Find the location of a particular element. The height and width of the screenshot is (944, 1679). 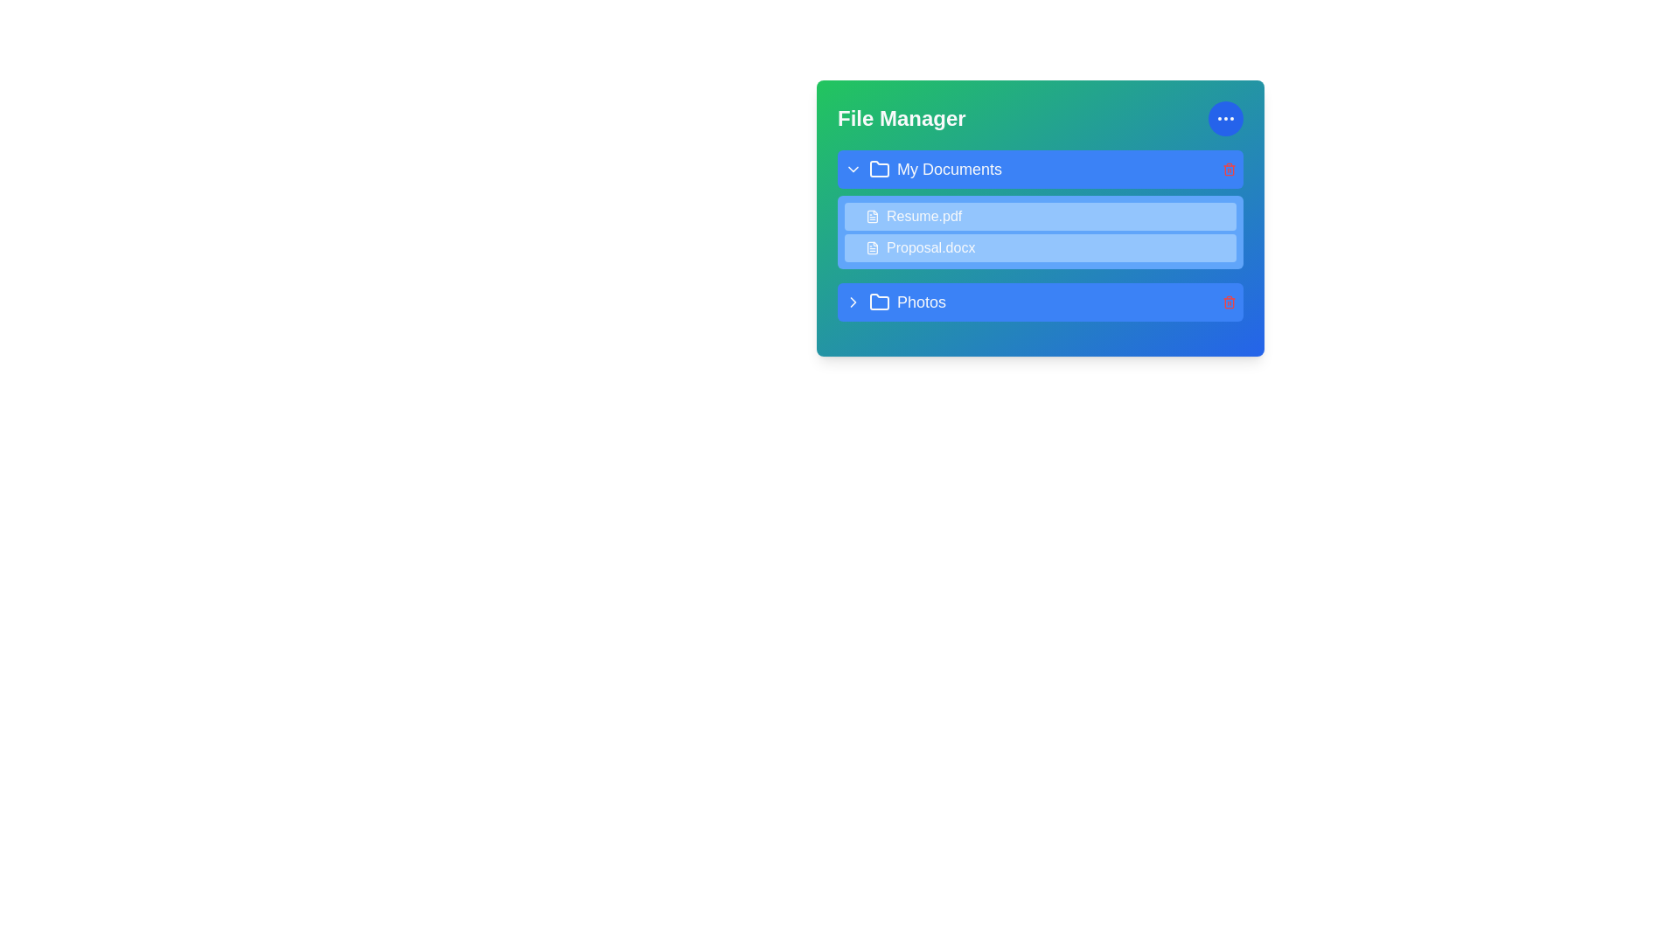

the dropdown toggle icon located to the left of the 'My Documents' text is located at coordinates (853, 169).